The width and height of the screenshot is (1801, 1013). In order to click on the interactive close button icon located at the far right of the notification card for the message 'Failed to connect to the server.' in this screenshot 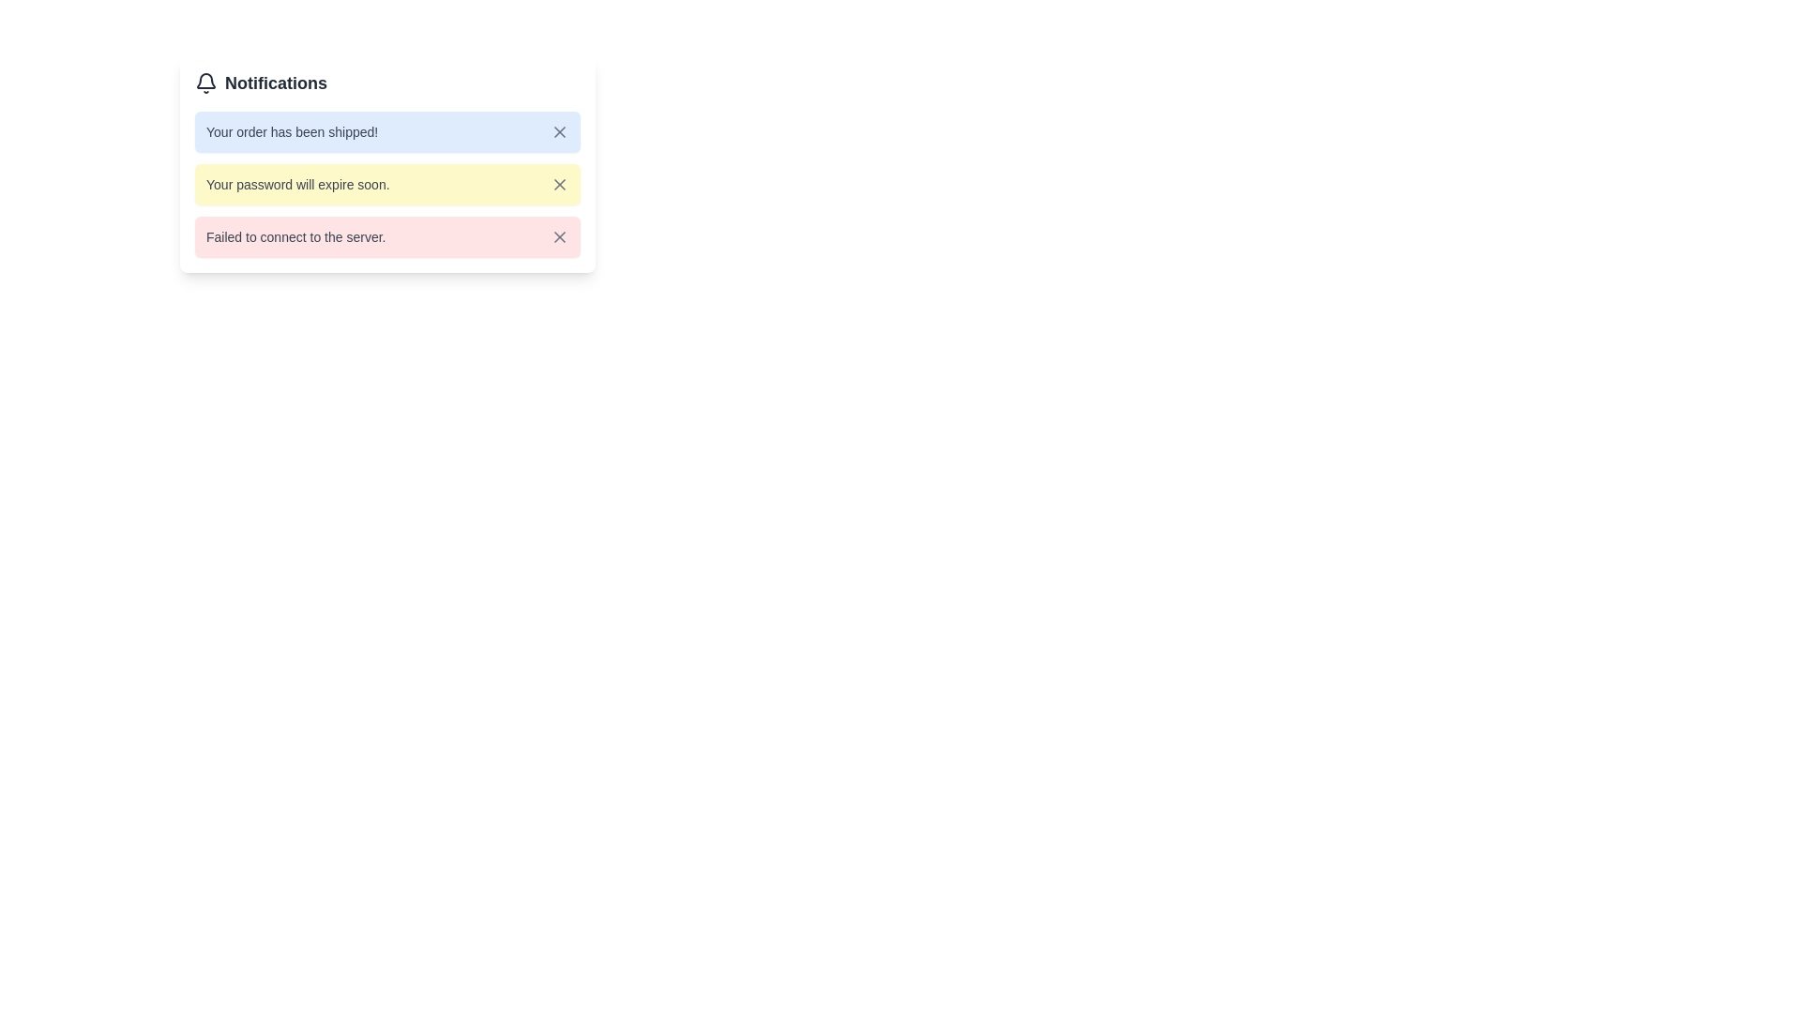, I will do `click(558, 236)`.